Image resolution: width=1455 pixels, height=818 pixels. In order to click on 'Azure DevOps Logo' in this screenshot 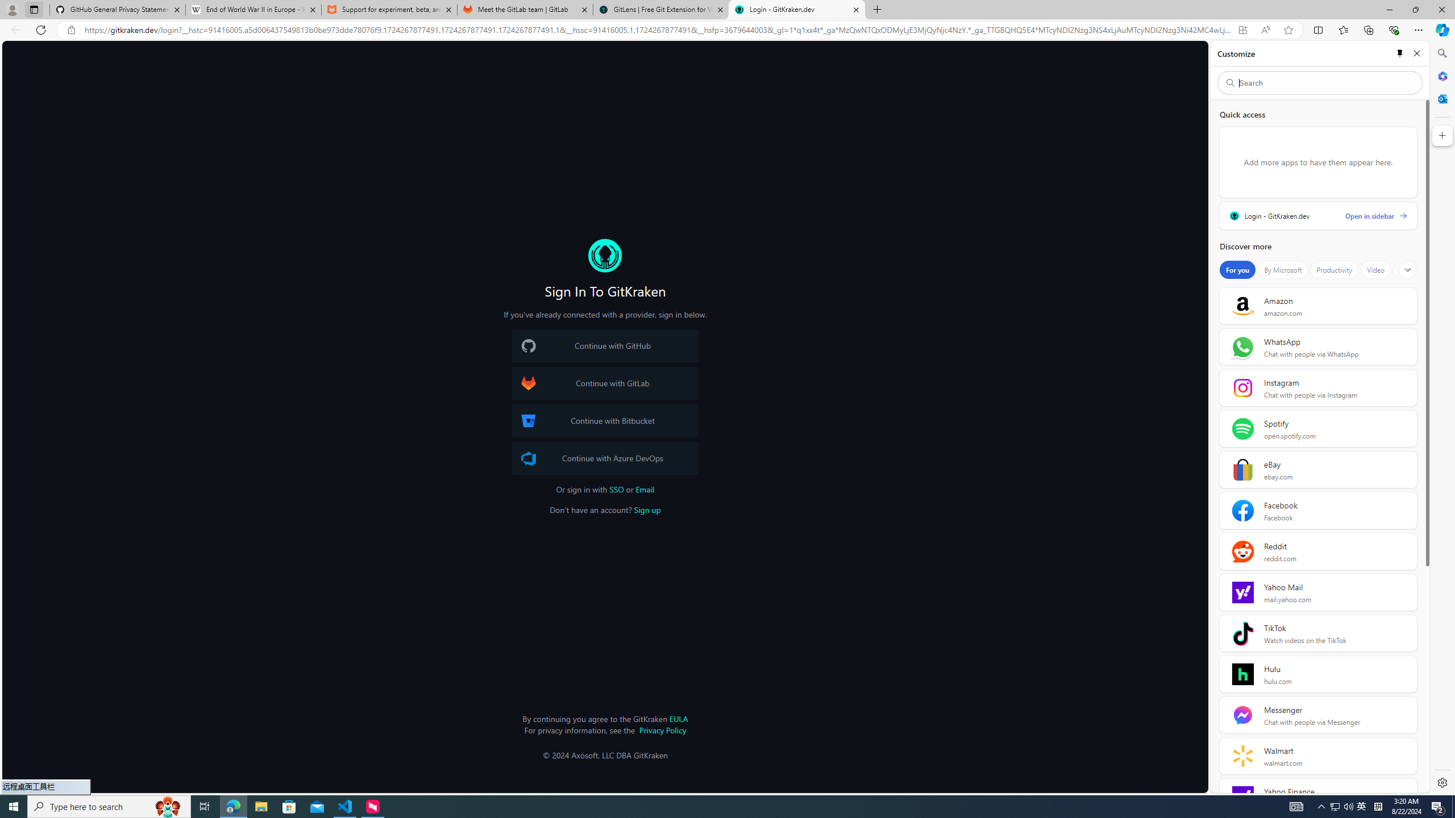, I will do `click(528, 457)`.